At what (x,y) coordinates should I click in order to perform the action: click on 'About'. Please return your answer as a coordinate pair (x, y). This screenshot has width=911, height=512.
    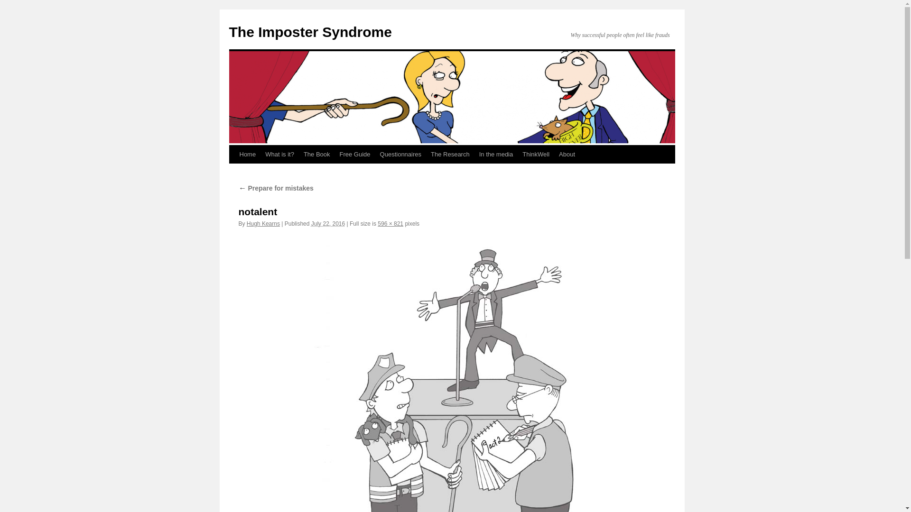
    Looking at the image, I should click on (554, 154).